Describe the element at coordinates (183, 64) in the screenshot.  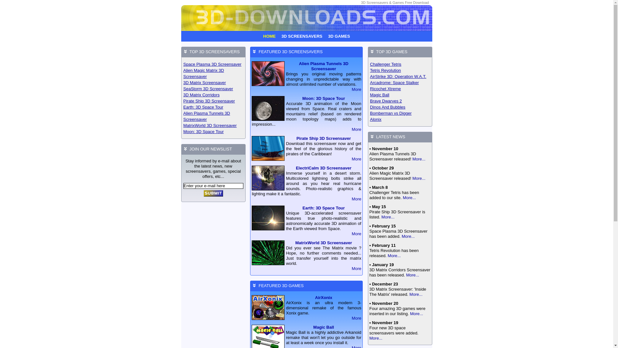
I see `'Space Plasma 3D Screensaver'` at that location.